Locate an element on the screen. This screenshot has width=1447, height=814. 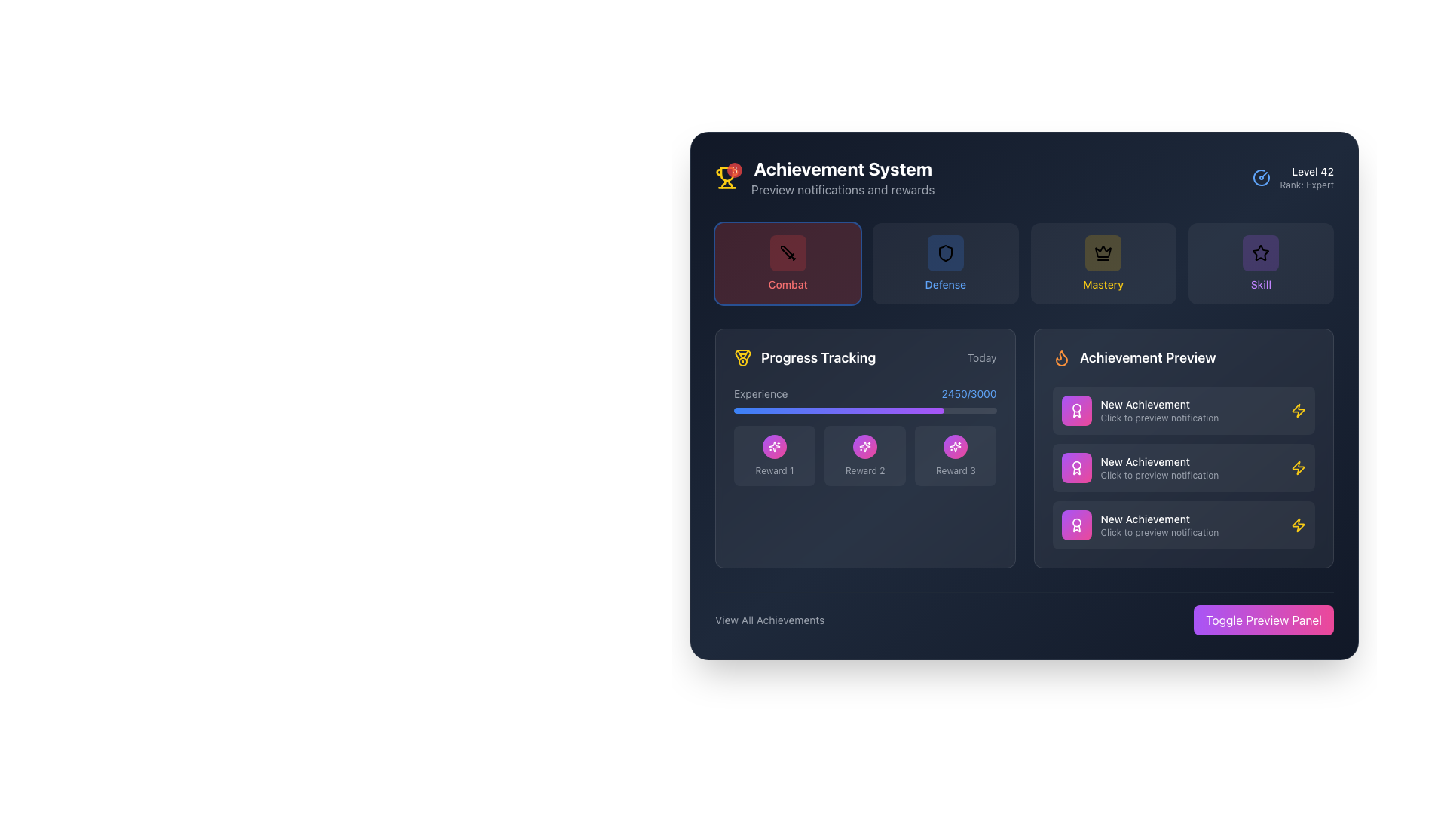
the flame icon representing the 'Achievement Preview' section, which is located to the left of the 'Achievement Preview' text is located at coordinates (1060, 357).